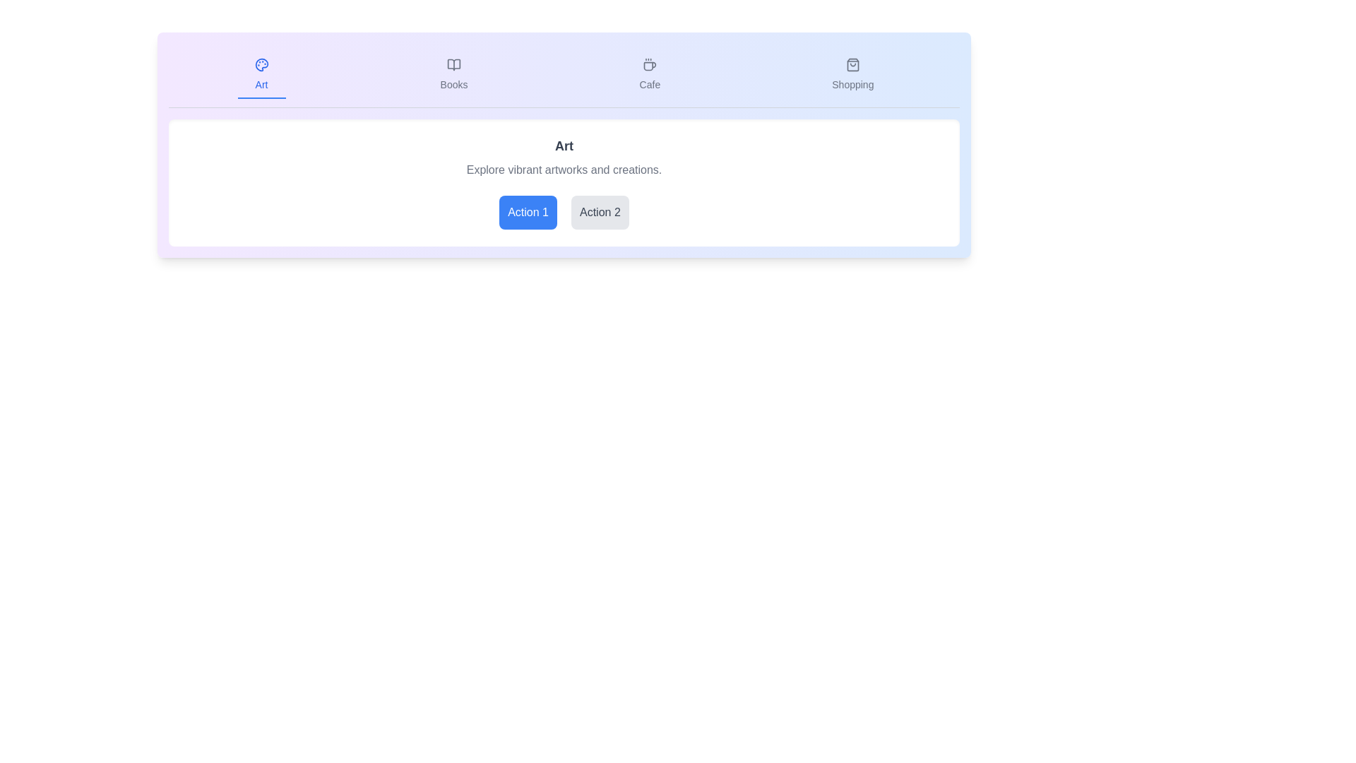 This screenshot has height=763, width=1356. Describe the element at coordinates (528, 212) in the screenshot. I see `the 'Action 1' button` at that location.